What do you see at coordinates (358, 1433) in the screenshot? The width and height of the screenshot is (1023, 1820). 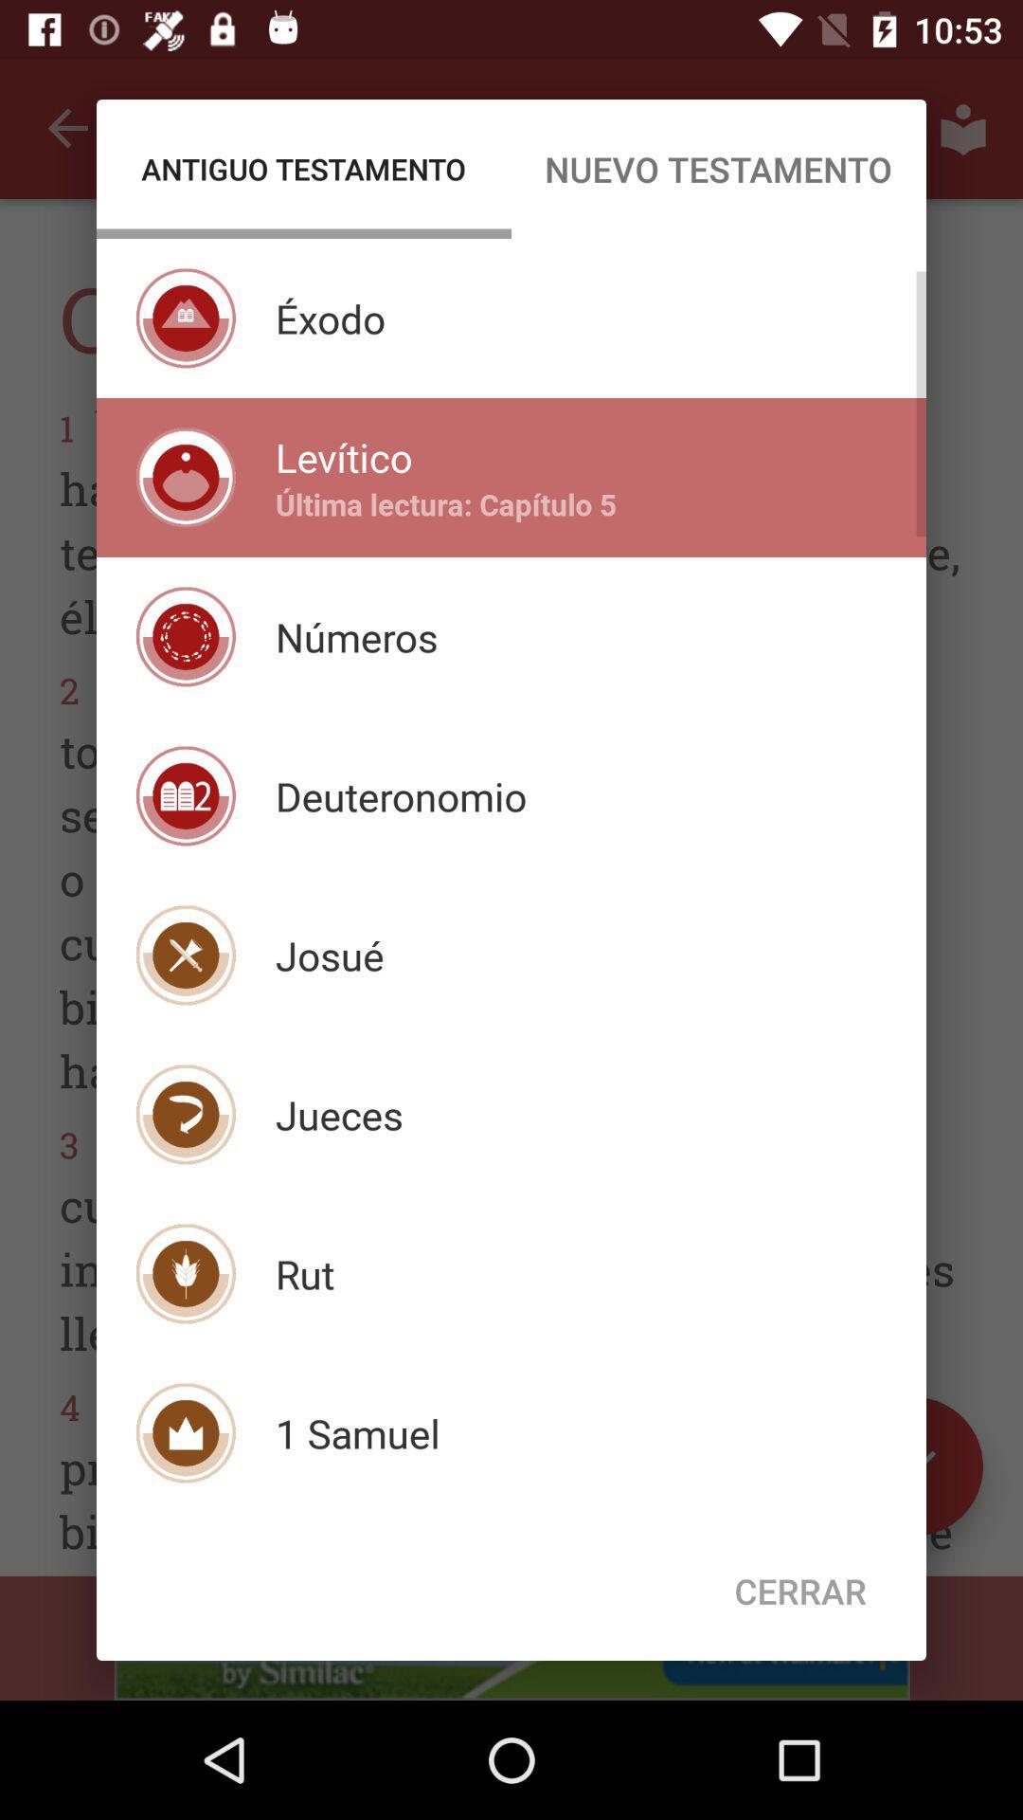 I see `the 1 samuel icon` at bounding box center [358, 1433].